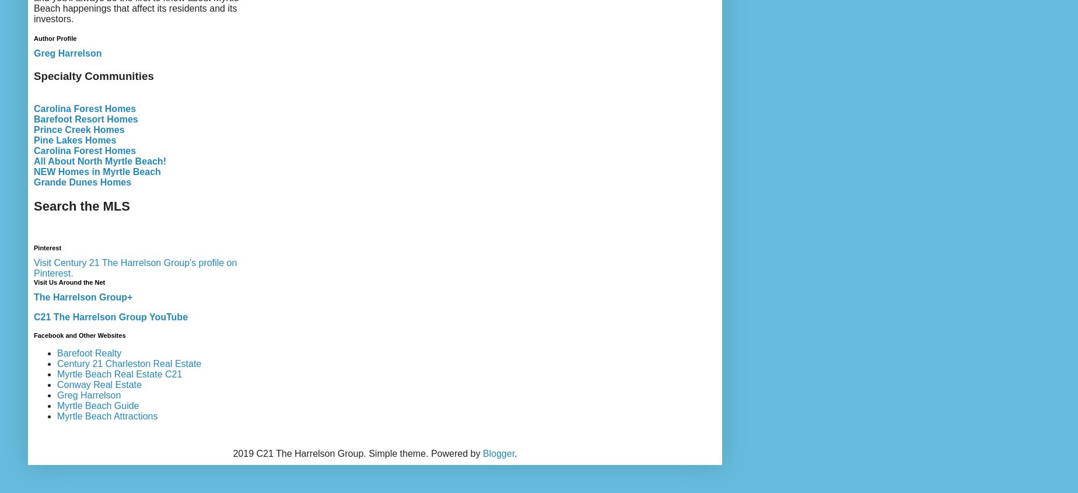 The width and height of the screenshot is (1078, 493). Describe the element at coordinates (97, 404) in the screenshot. I see `'Myrtle Beach Guide'` at that location.